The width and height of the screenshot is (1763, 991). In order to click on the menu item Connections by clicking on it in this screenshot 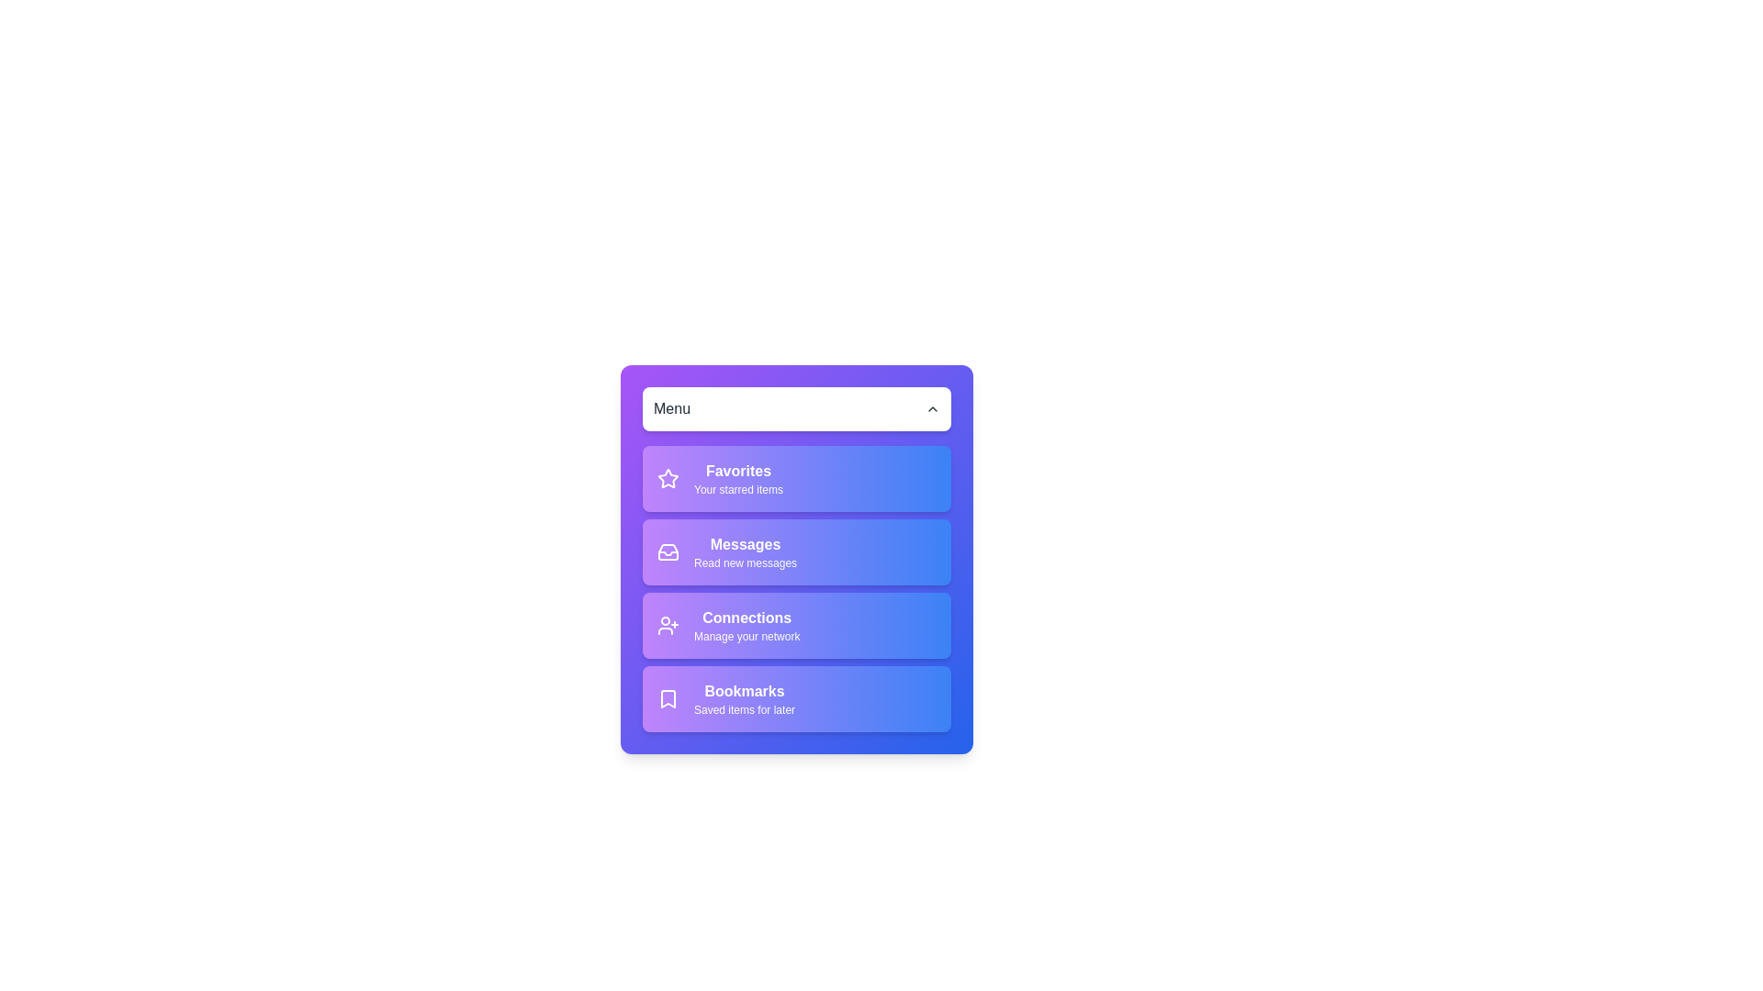, I will do `click(797, 625)`.